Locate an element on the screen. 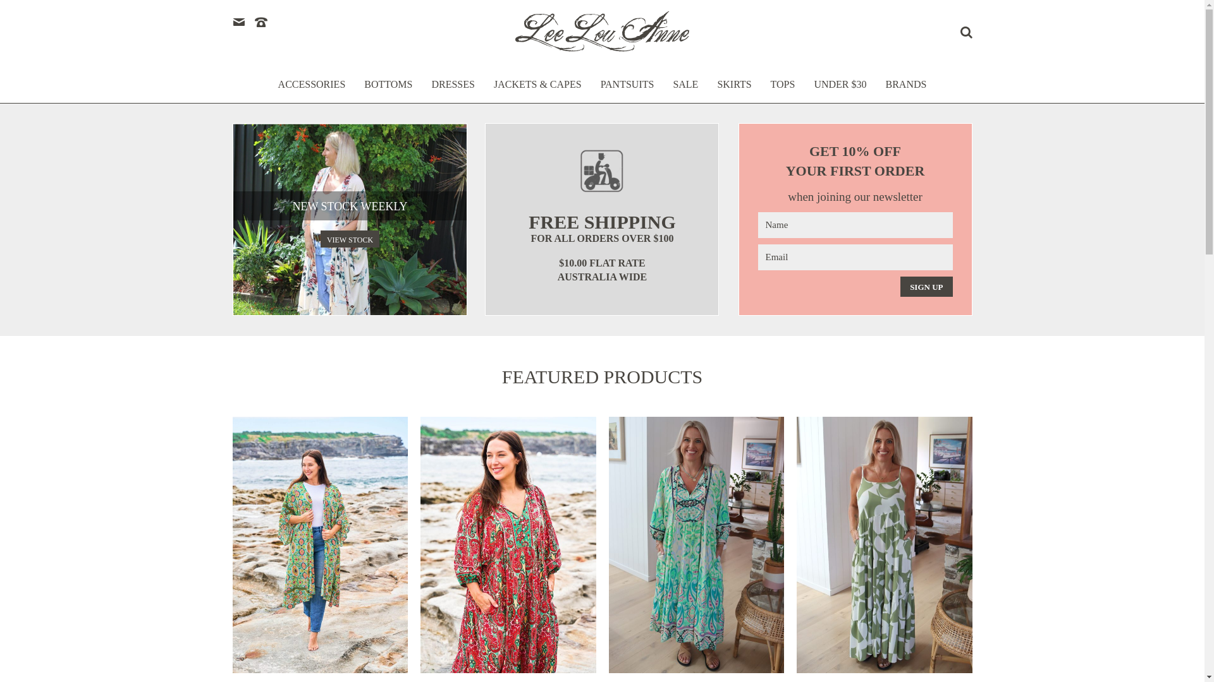 The image size is (1214, 682). 'ACCESSORIES' is located at coordinates (312, 90).